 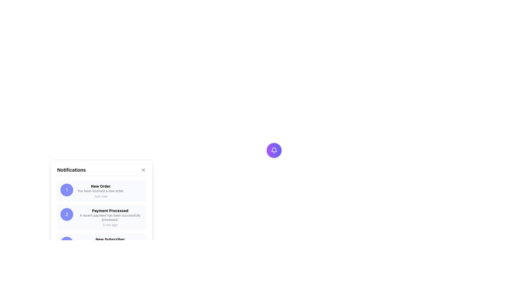 What do you see at coordinates (101, 191) in the screenshot?
I see `the non-interactive Text label providing additional information about the 'New Order' notification, located in the notification panel beneath the 'New Order' title` at bounding box center [101, 191].